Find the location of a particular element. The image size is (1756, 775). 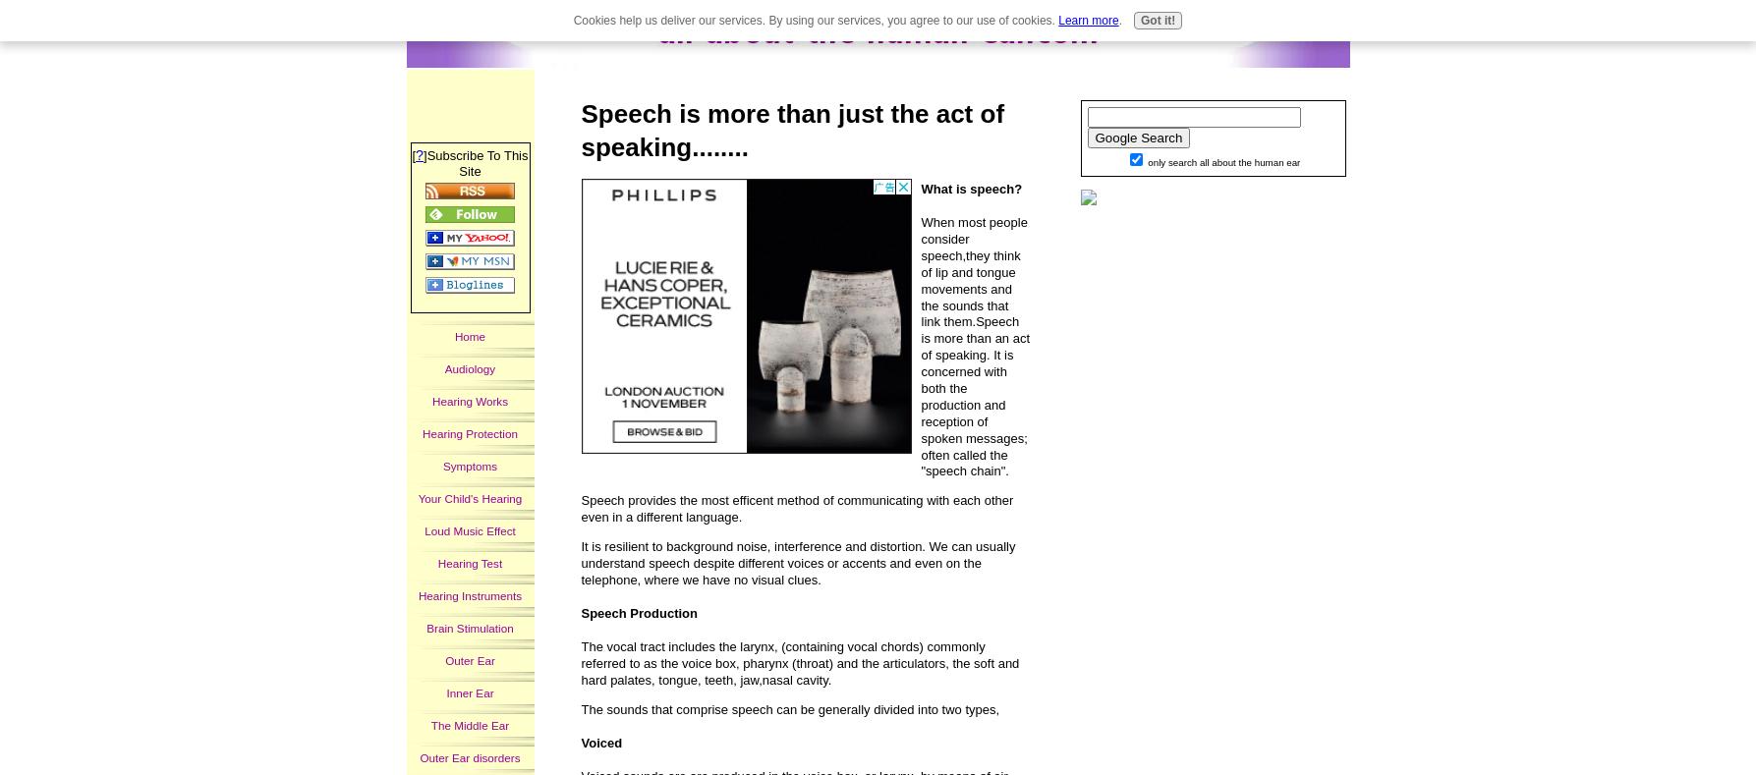

'Hearing Works' is located at coordinates (470, 400).